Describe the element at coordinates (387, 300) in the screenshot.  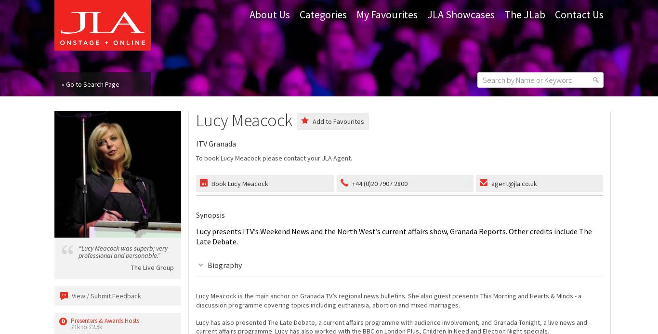
I see `'Lucy Meacock is the main anchor on Granada TV’s regional news bulletins. She also guest presents This Morning and Hearts & Minds - a discussion programme covering topics including euthanasia, abortion and mixed marriages.'` at that location.